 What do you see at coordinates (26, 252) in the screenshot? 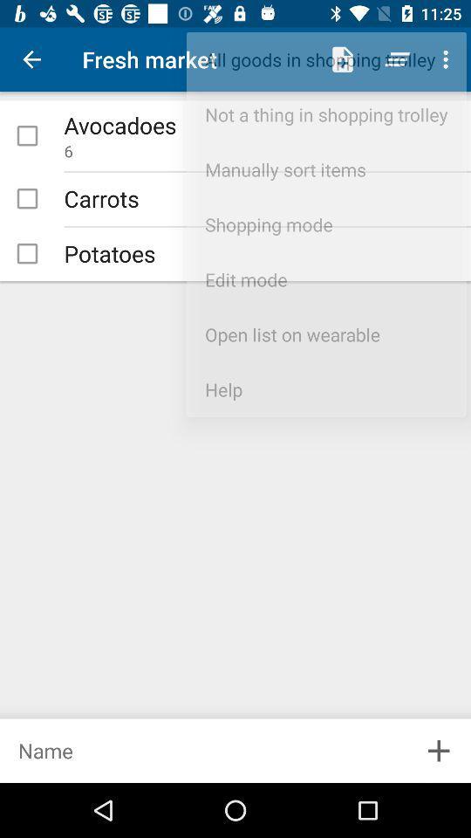
I see `option` at bounding box center [26, 252].